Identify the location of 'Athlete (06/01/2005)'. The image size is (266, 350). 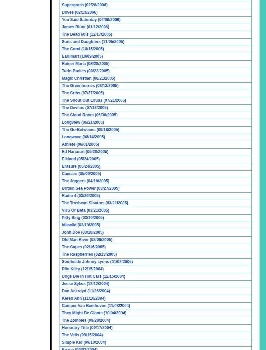
(80, 144).